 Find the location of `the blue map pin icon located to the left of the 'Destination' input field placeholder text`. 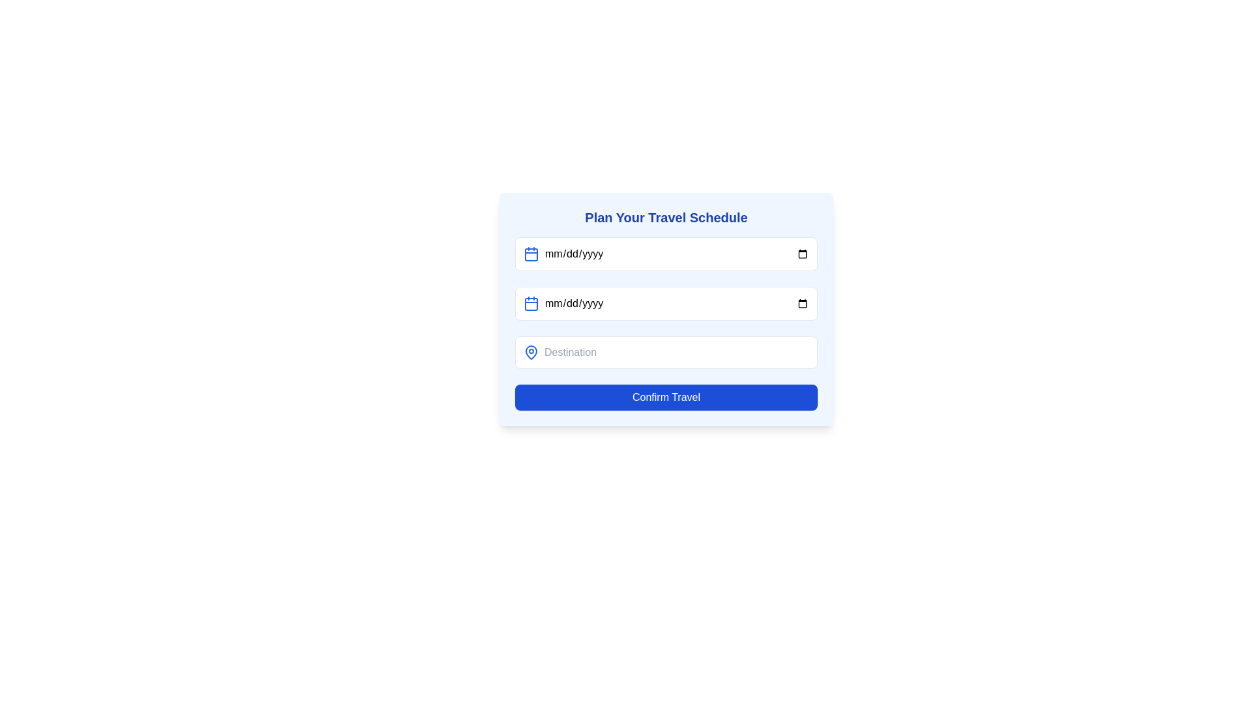

the blue map pin icon located to the left of the 'Destination' input field placeholder text is located at coordinates (531, 352).